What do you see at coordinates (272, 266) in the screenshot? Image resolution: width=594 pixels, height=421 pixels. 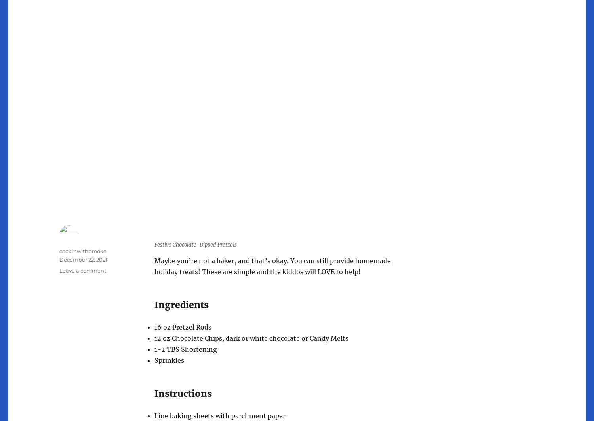 I see `'Maybe you’re not a baker, and that’s okay. You can still provide homemade holiday treats! These are simple and the kiddos will LOVE to help!'` at bounding box center [272, 266].